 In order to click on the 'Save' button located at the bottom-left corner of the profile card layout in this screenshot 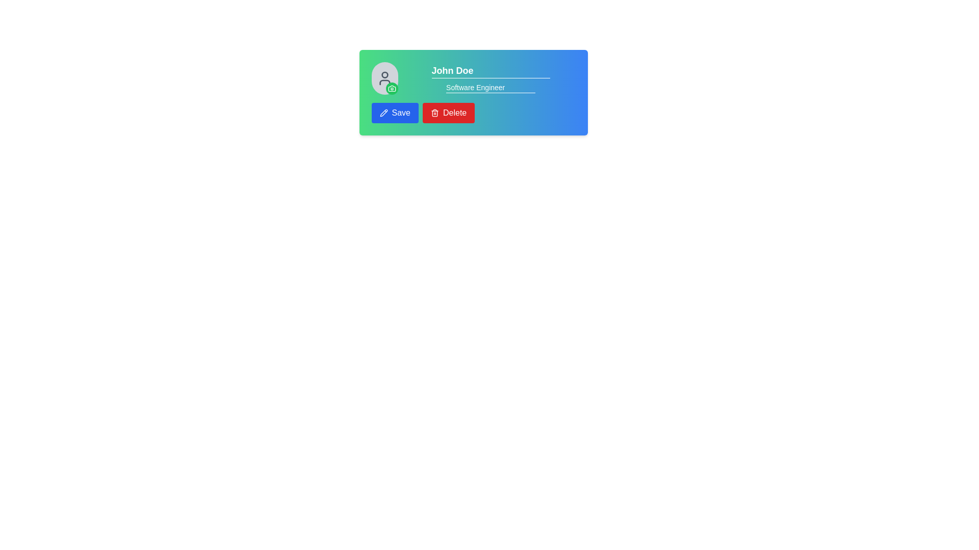, I will do `click(394, 113)`.